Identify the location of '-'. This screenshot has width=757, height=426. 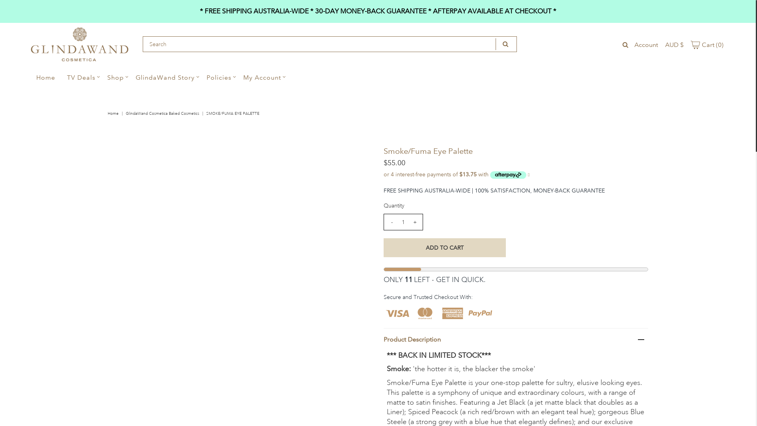
(388, 222).